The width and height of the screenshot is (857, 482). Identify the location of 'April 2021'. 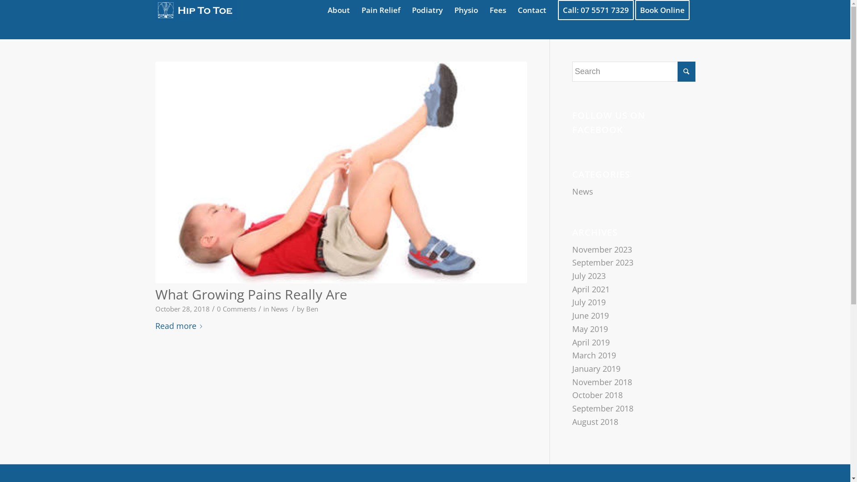
(591, 289).